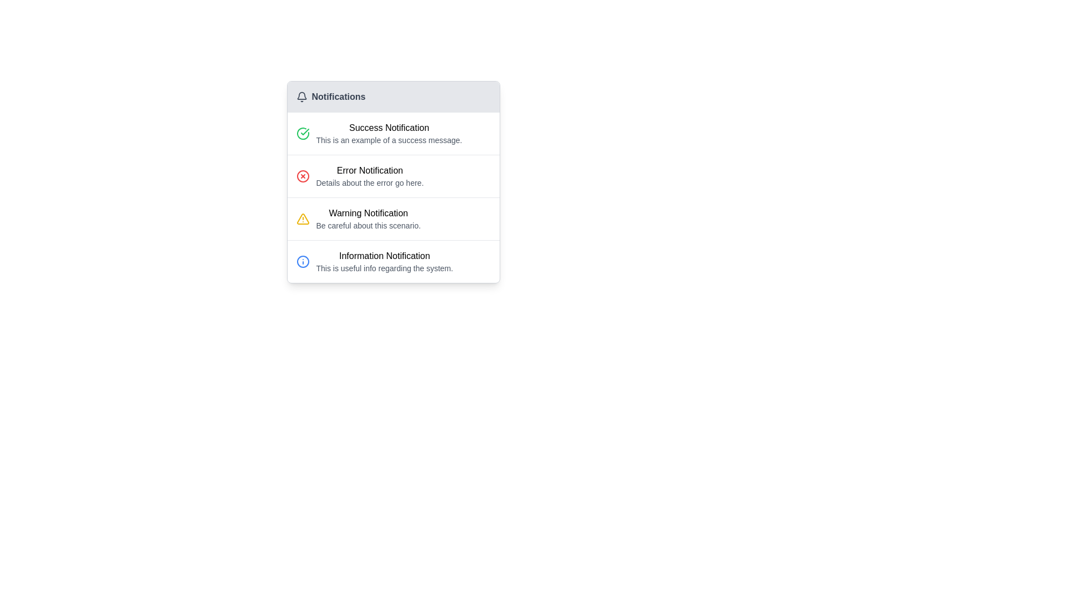  Describe the element at coordinates (368, 225) in the screenshot. I see `the text element that reads 'Be careful about this scenario.' which is styled in a smaller gray font and located directly below 'Warning Notification' inside a notification card` at that location.